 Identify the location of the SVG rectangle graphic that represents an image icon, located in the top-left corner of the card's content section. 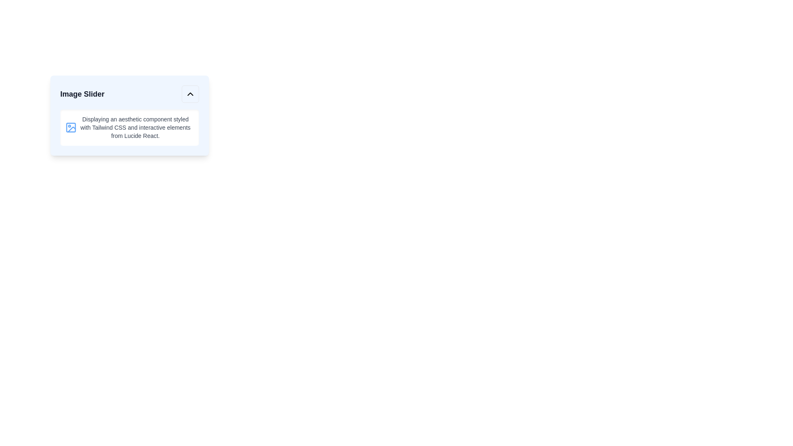
(71, 127).